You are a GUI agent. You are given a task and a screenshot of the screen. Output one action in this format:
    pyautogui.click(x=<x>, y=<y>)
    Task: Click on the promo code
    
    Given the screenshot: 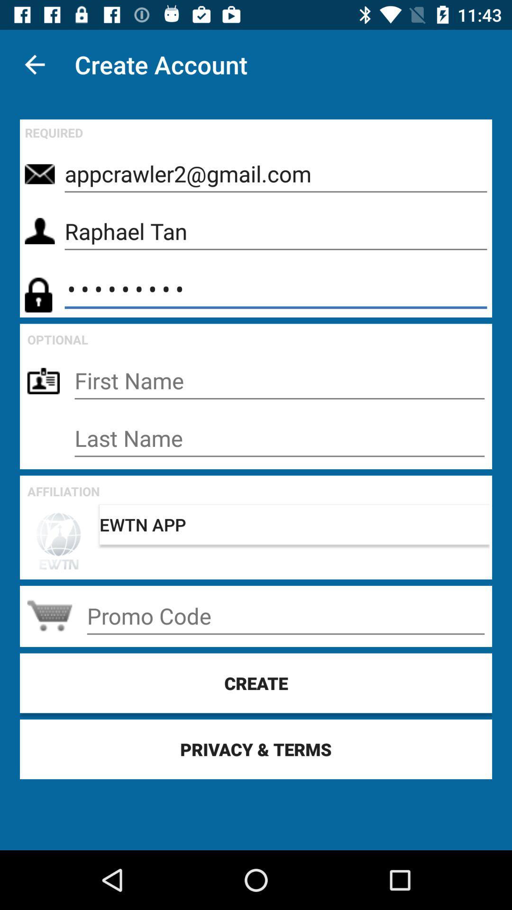 What is the action you would take?
    pyautogui.click(x=285, y=616)
    